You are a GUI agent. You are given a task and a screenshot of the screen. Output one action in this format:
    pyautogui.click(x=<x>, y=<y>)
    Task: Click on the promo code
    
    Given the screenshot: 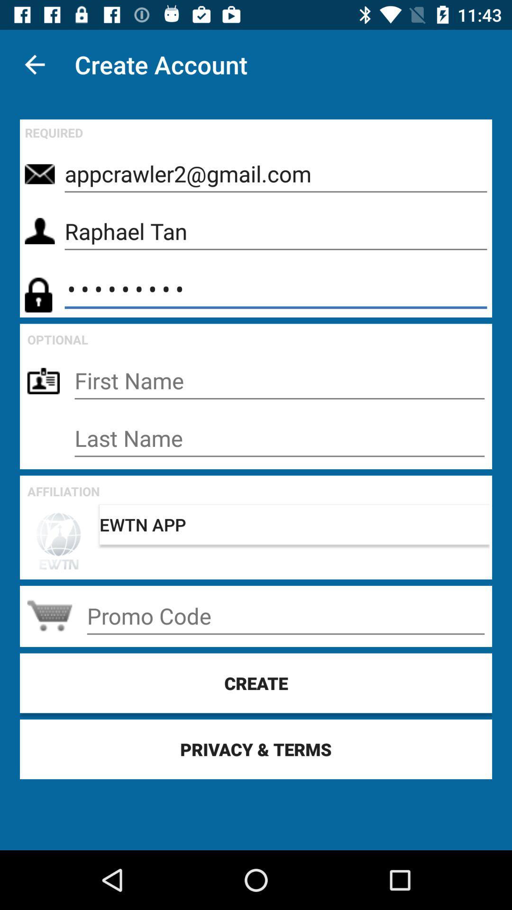 What is the action you would take?
    pyautogui.click(x=285, y=616)
    